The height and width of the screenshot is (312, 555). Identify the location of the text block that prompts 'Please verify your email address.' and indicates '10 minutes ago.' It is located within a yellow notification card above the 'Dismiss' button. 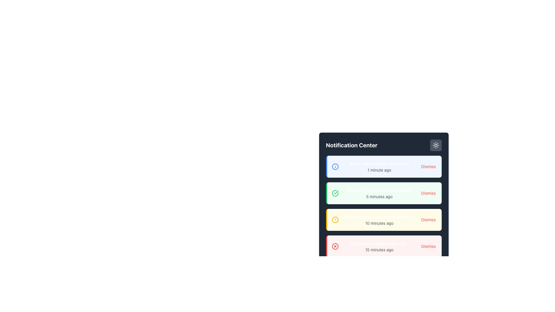
(379, 220).